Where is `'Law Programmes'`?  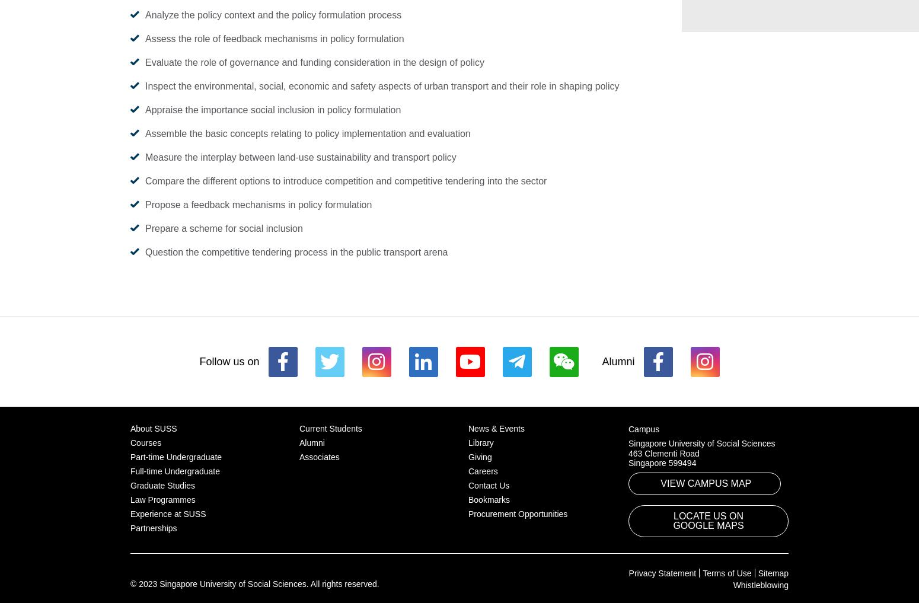 'Law Programmes' is located at coordinates (162, 498).